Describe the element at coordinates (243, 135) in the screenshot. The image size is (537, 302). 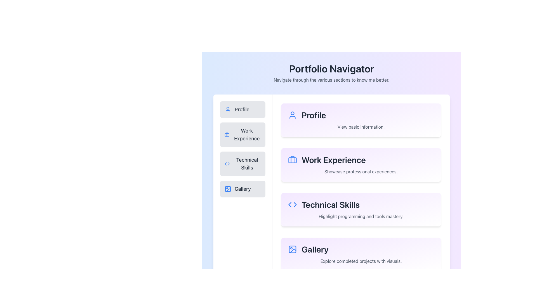
I see `the 'Work Experience' button, which is the second button in the left sidebar, featuring a light gray background and a blue briefcase icon` at that location.